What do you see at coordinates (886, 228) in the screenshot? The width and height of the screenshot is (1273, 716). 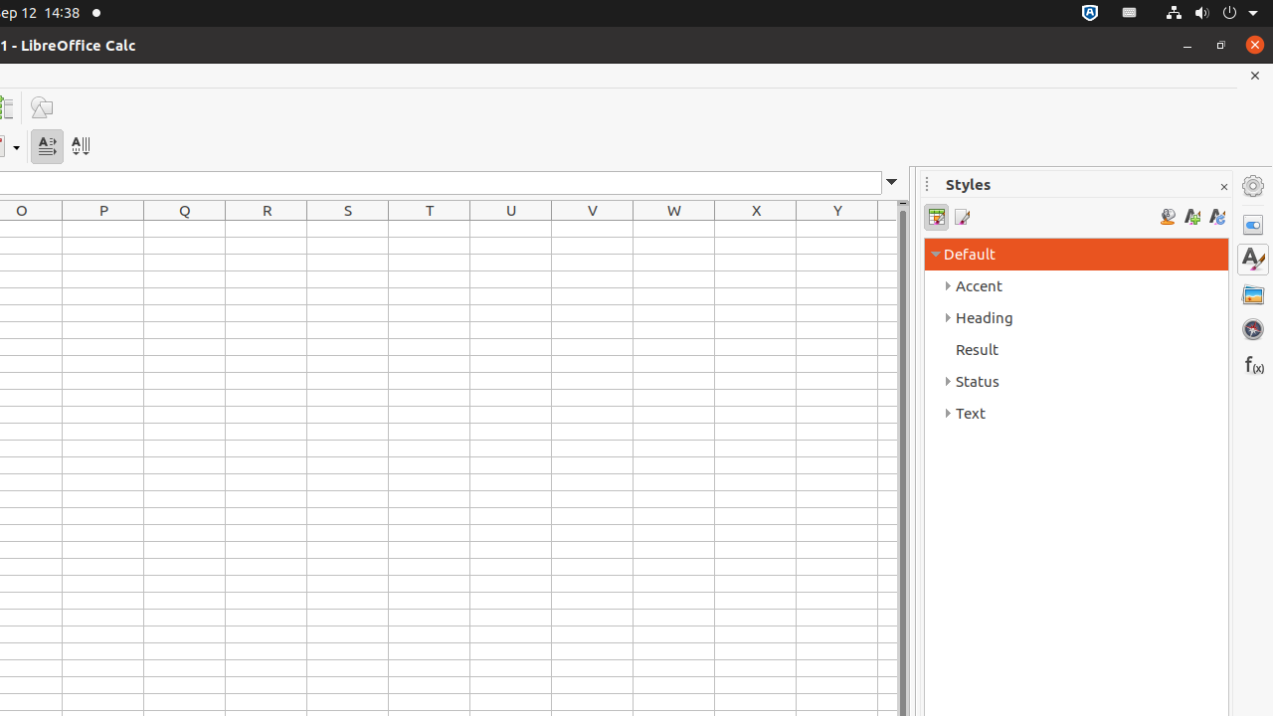 I see `'Z1'` at bounding box center [886, 228].